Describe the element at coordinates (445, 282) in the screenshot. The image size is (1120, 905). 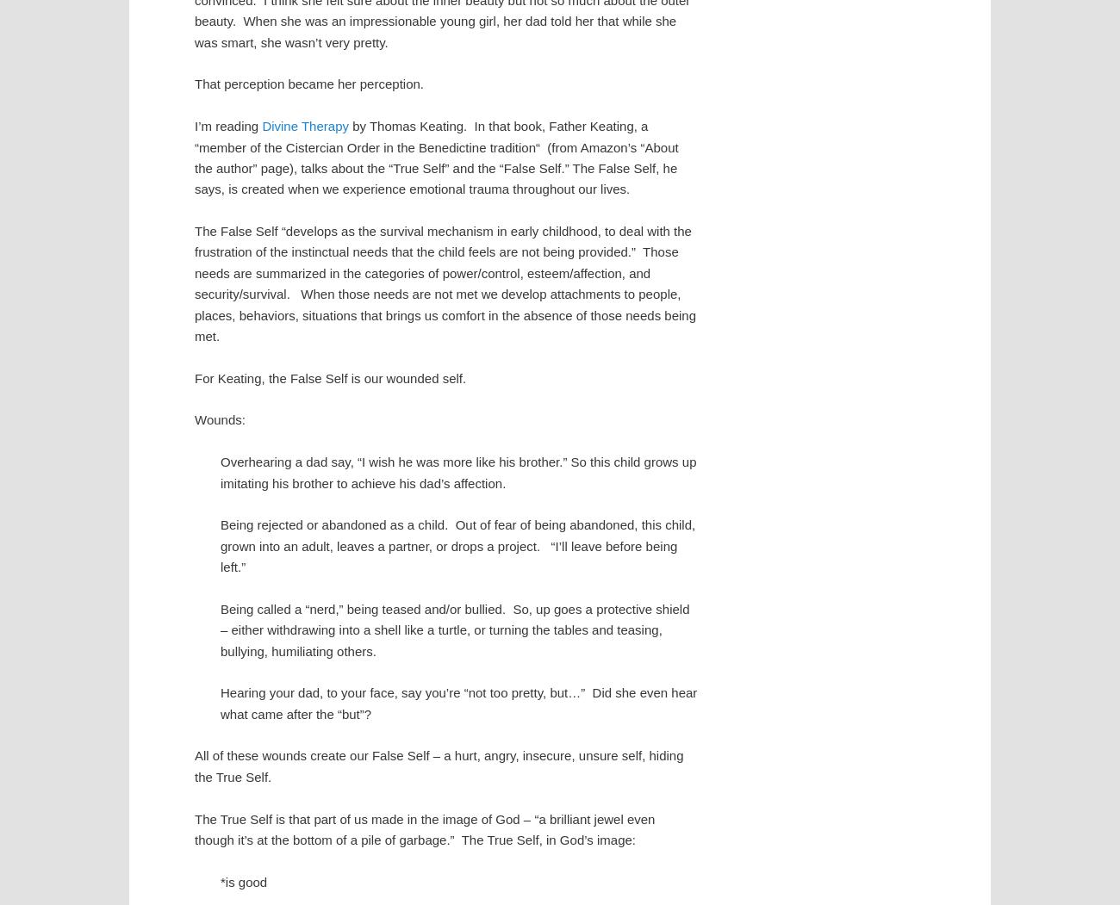
I see `'The False Self “develops as the survival mechanism in early childhood, to deal with the frustration of the instinctual needs that the child feels are not being provided.”  Those needs are summarized in the categories of power/control, esteem/affection, and security/survival.   When those needs are not met we develop attachments to people, places, behaviors, situations that brings us comfort in the absence of those needs being met.'` at that location.